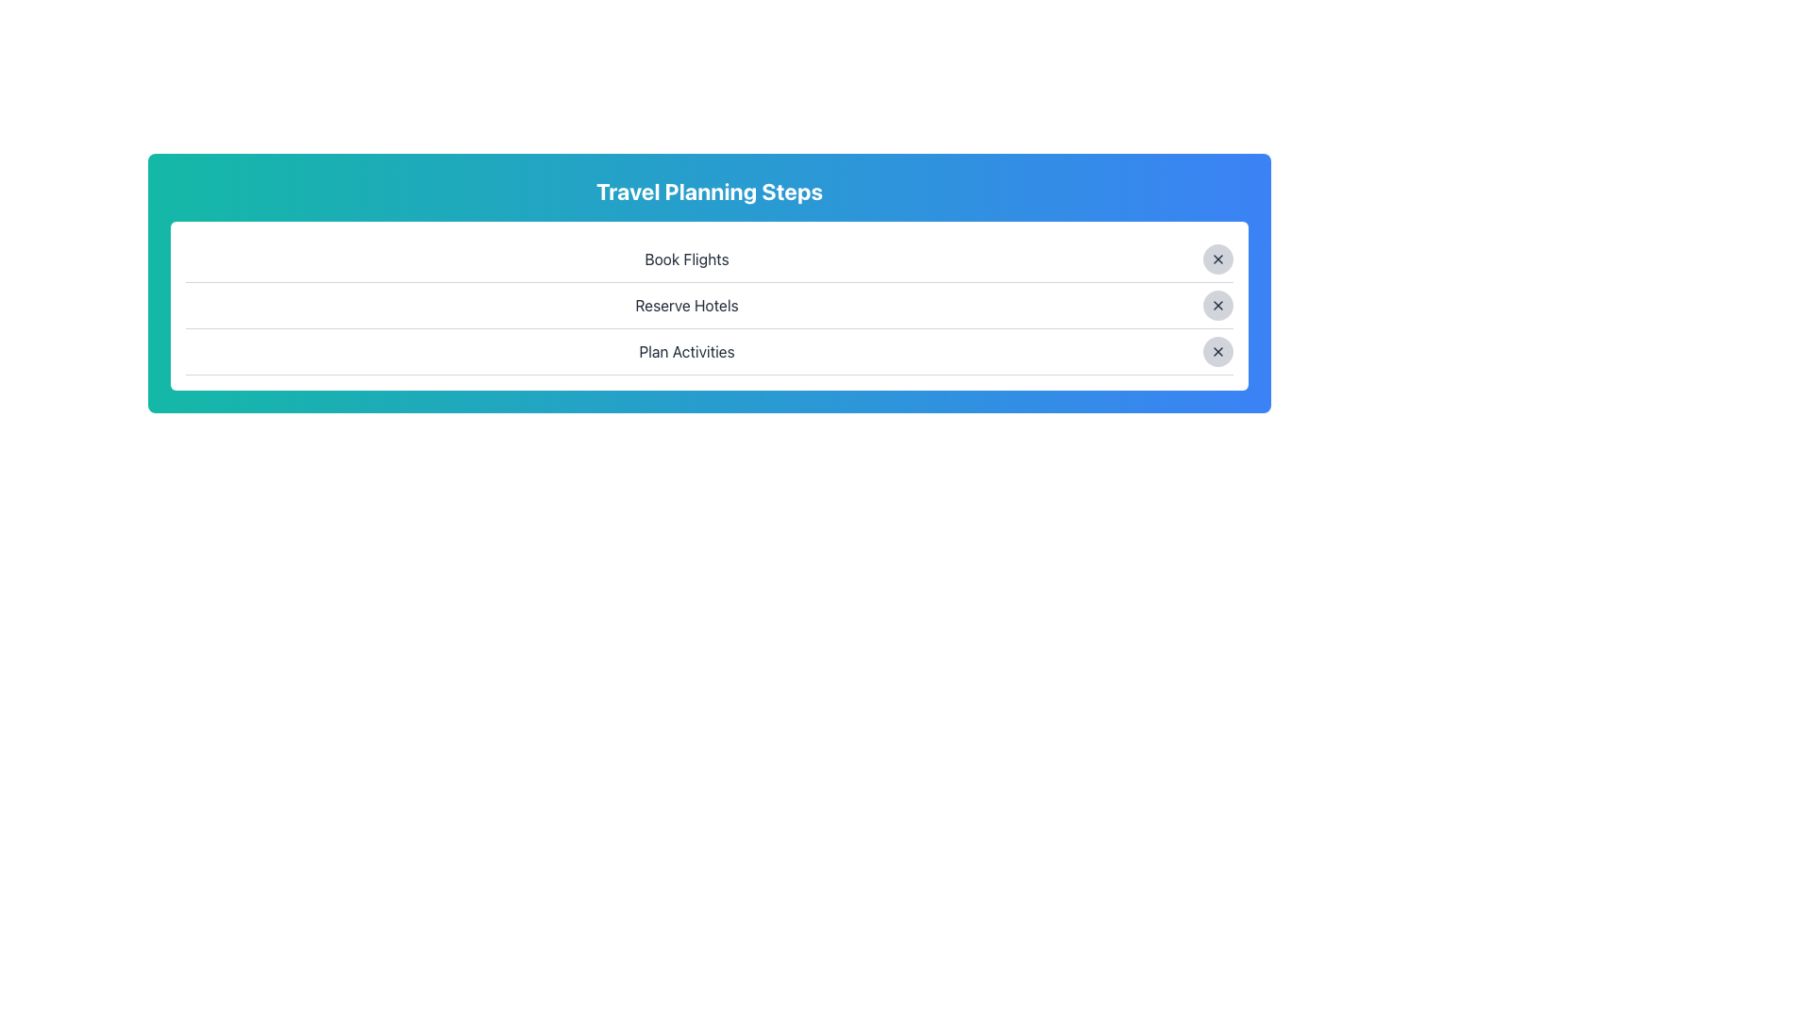 The height and width of the screenshot is (1019, 1812). Describe the element at coordinates (709, 192) in the screenshot. I see `the informational header text label that indicates the purpose of the section listing steps in the travel planning process` at that location.